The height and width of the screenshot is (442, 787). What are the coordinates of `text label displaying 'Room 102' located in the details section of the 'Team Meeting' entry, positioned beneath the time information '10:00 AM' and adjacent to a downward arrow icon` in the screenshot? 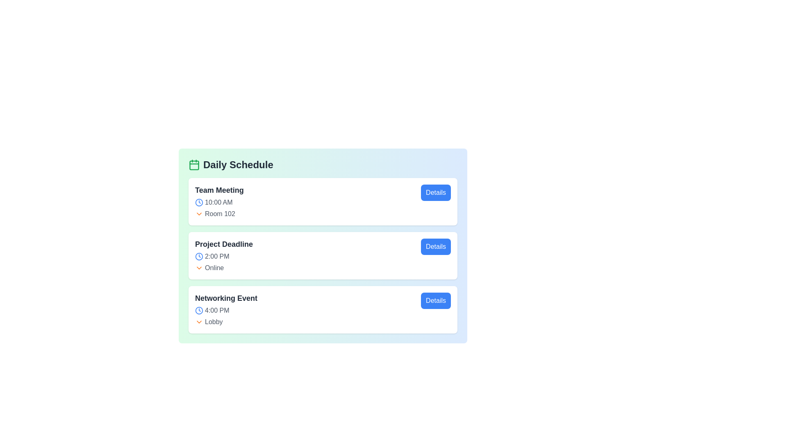 It's located at (220, 214).